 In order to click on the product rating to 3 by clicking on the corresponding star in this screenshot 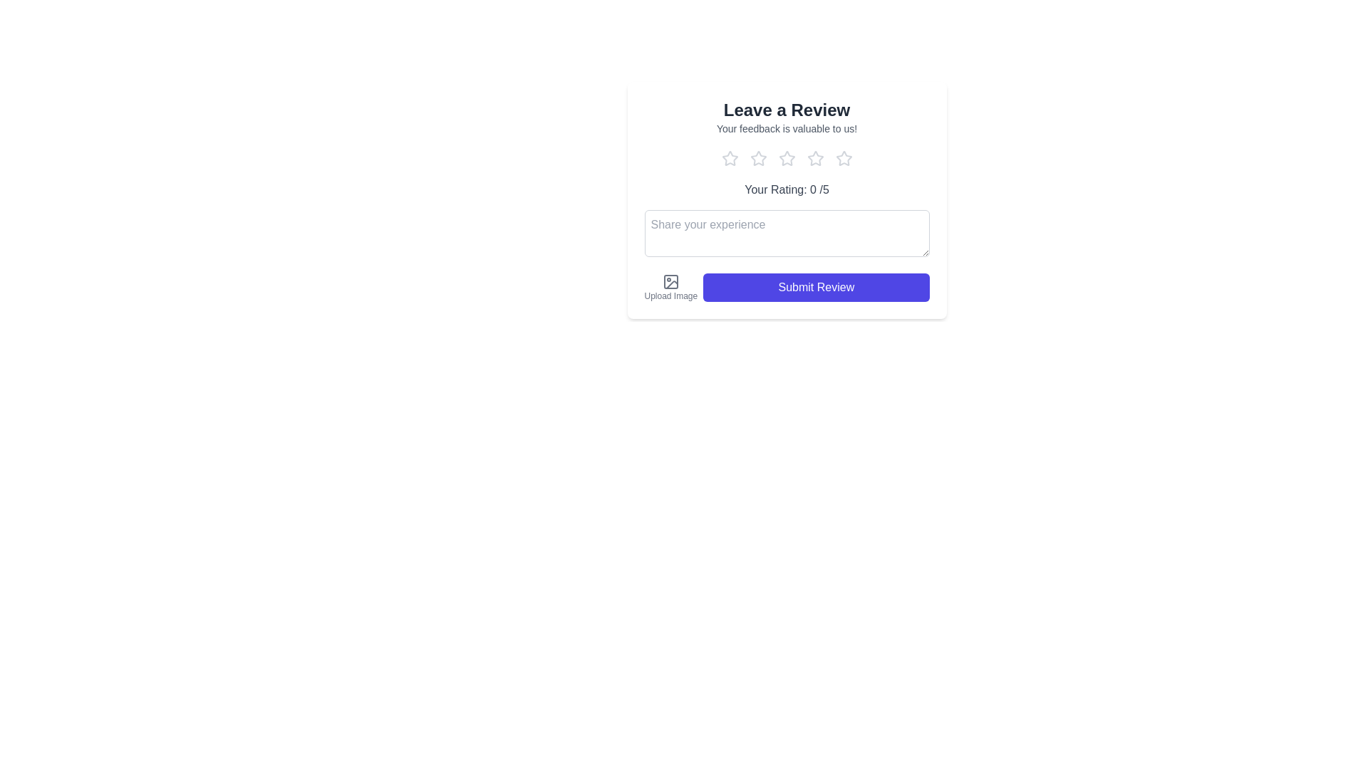, I will do `click(786, 159)`.